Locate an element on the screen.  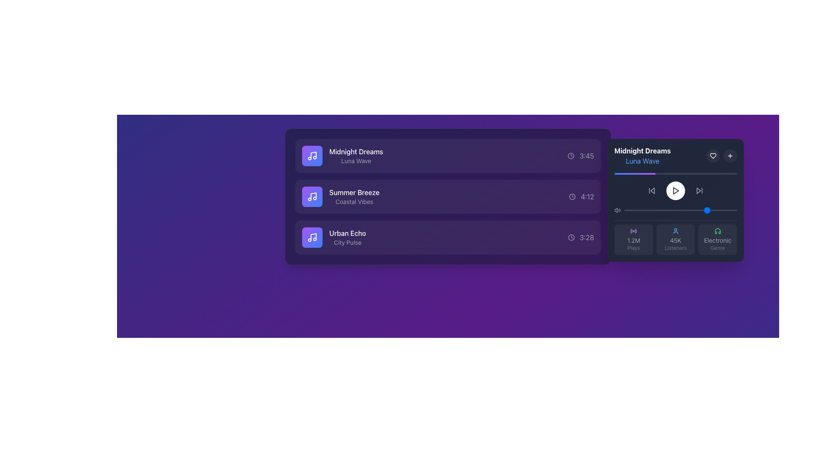
the leftmost segment of the horizontal progress bar, which is a gradient-colored bar transitioning from blue to purple, occupying one-third of its width is located at coordinates (635, 173).